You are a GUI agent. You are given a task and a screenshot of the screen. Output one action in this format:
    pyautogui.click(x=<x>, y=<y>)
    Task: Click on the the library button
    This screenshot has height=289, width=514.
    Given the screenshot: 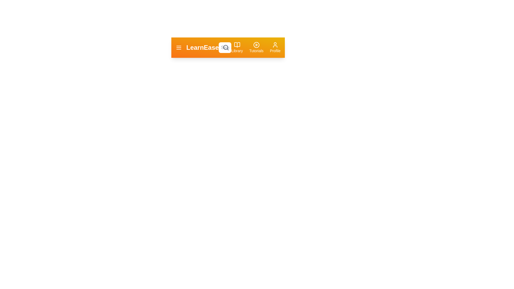 What is the action you would take?
    pyautogui.click(x=237, y=47)
    